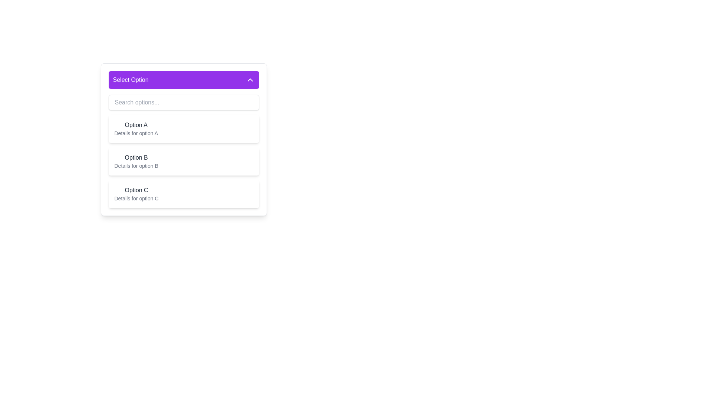  What do you see at coordinates (136, 190) in the screenshot?
I see `the text label for 'Option C' located at the bottom of the selectable options` at bounding box center [136, 190].